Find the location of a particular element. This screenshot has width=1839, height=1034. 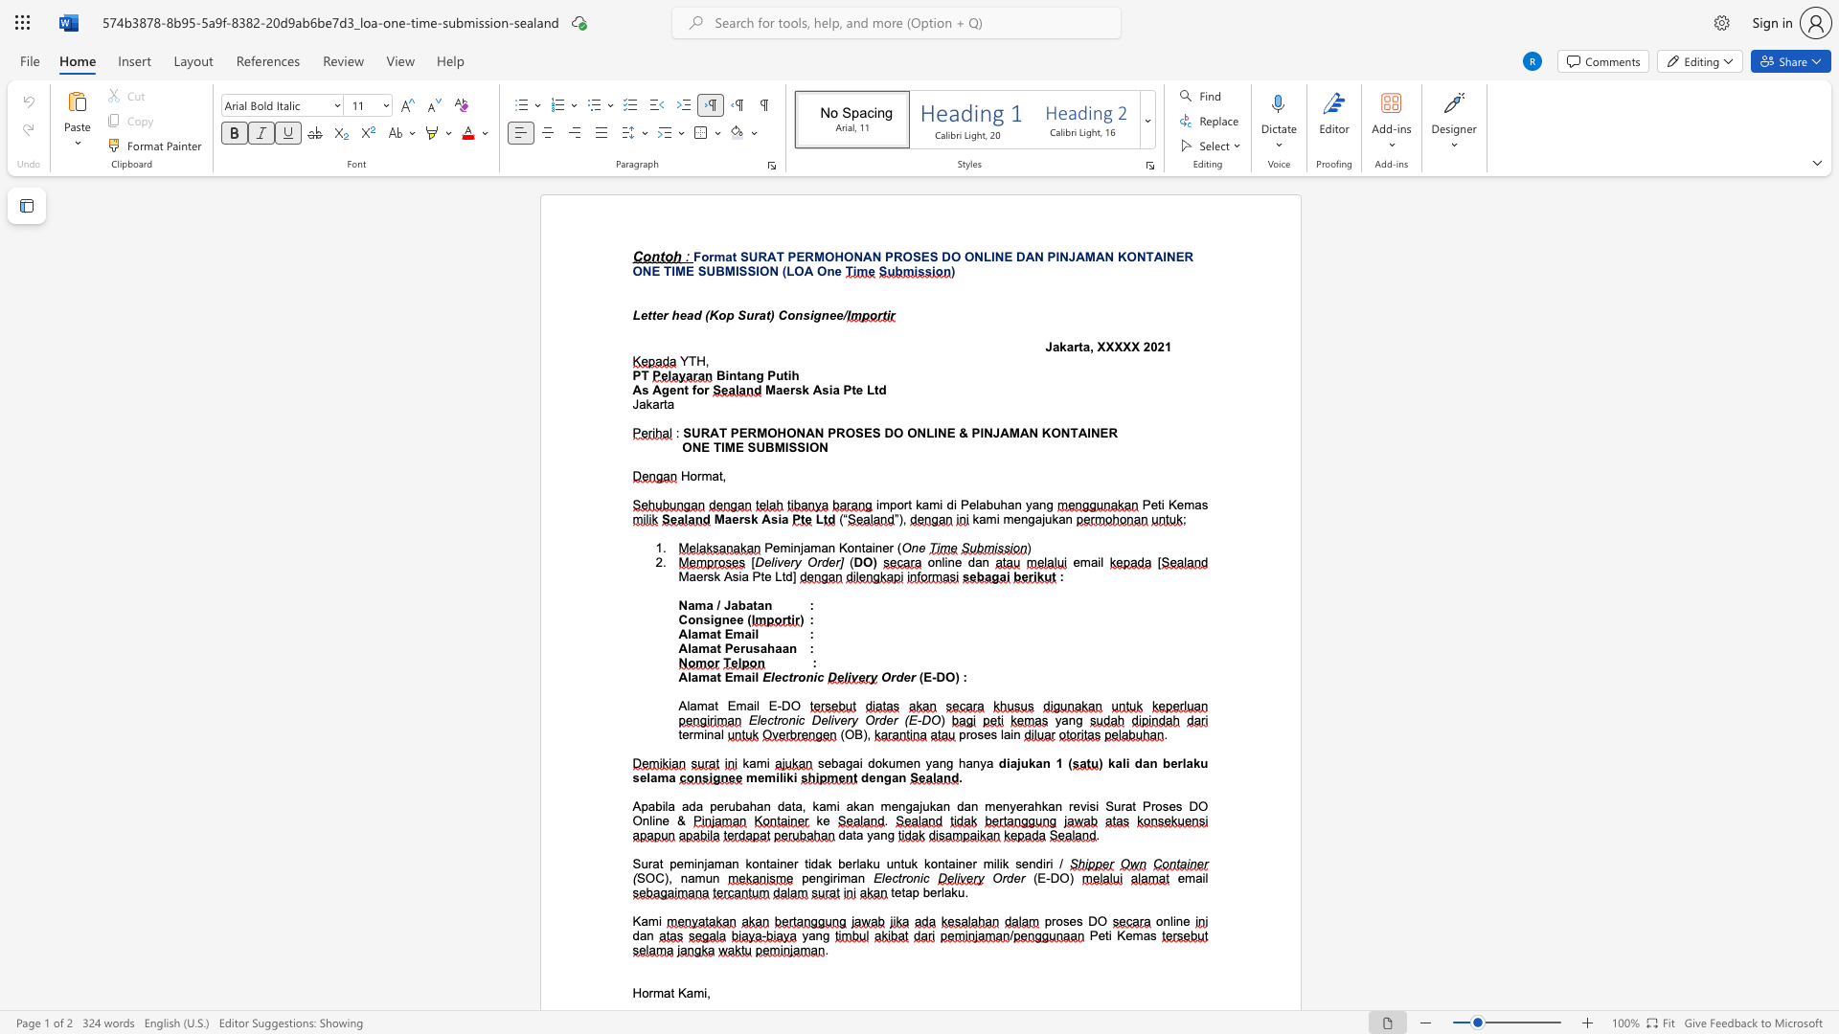

the subset text "ent for" within the text "As Agent for" is located at coordinates (670, 389).